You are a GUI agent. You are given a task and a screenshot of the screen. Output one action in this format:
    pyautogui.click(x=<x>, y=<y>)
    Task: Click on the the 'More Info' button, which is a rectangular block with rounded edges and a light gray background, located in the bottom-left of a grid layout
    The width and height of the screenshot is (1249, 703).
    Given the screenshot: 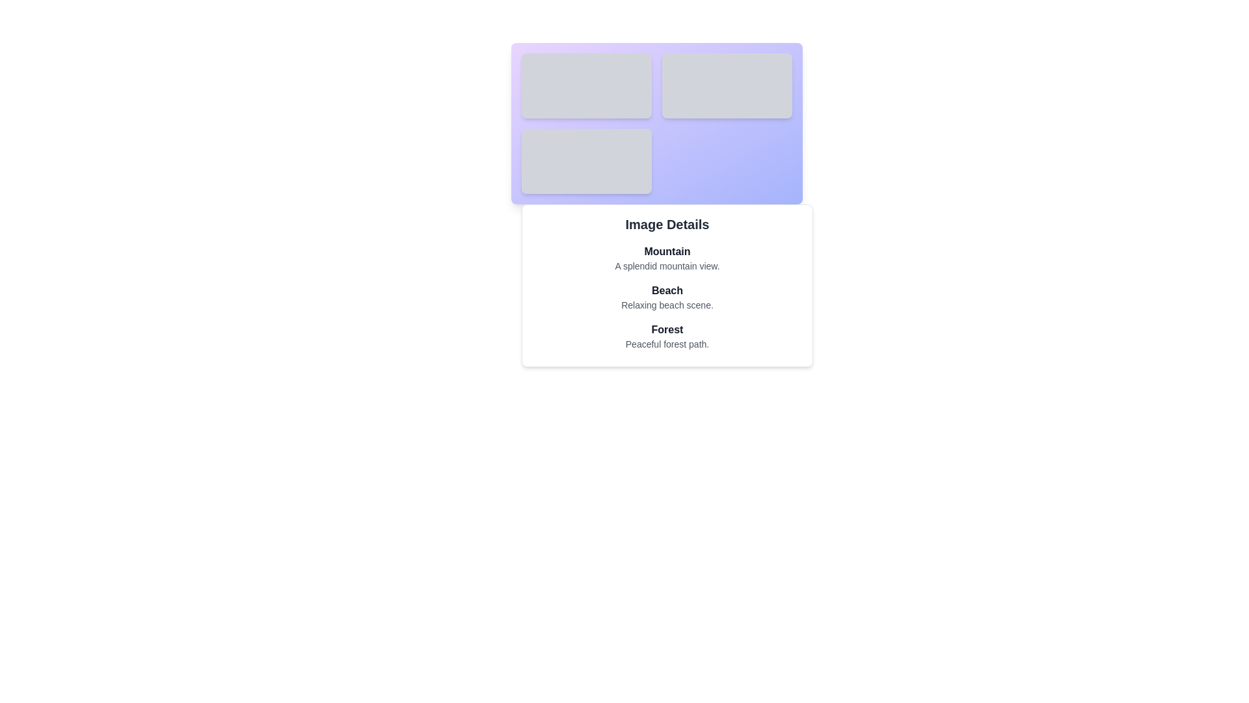 What is the action you would take?
    pyautogui.click(x=586, y=160)
    